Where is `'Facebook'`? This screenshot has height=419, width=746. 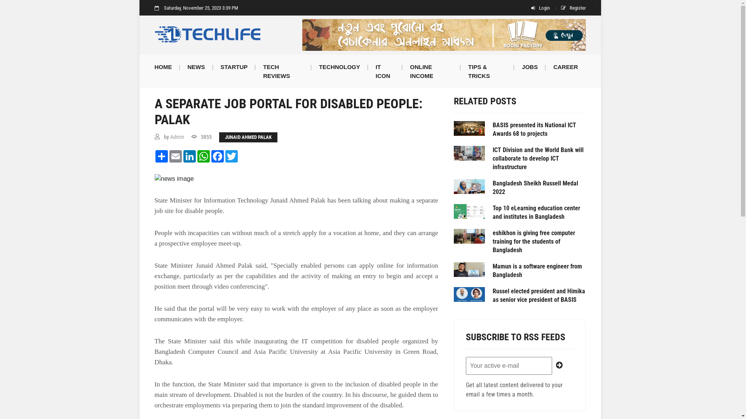 'Facebook' is located at coordinates (218, 156).